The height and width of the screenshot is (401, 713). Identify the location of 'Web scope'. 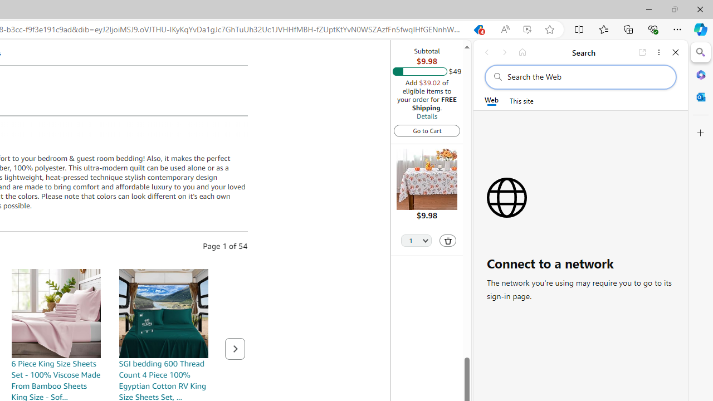
(491, 100).